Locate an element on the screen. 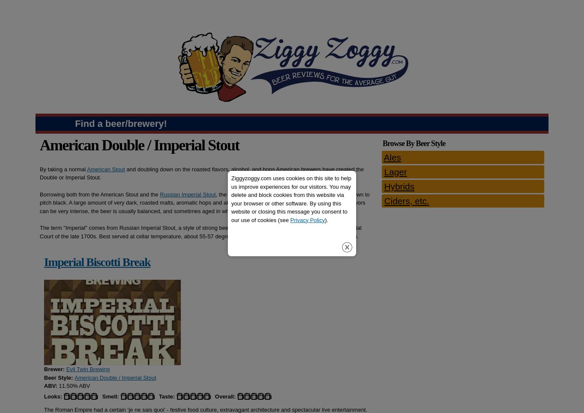 Image resolution: width=584 pixels, height=413 pixels. 'Privacy Policy' is located at coordinates (307, 219).